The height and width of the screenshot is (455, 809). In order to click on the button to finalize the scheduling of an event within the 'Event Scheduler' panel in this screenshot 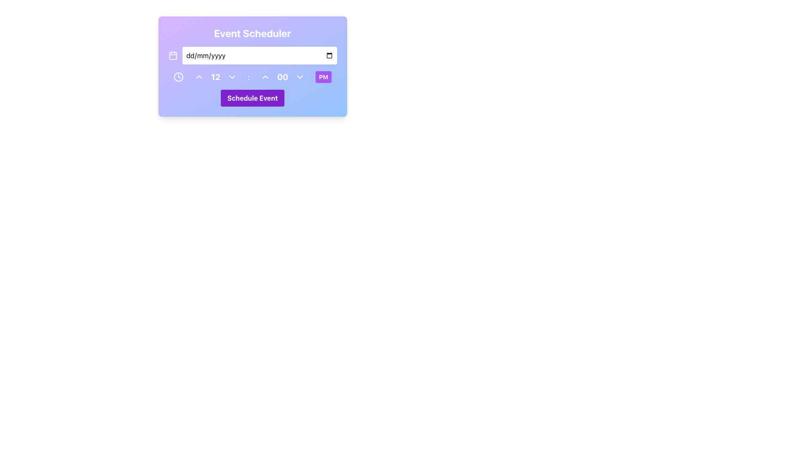, I will do `click(252, 97)`.